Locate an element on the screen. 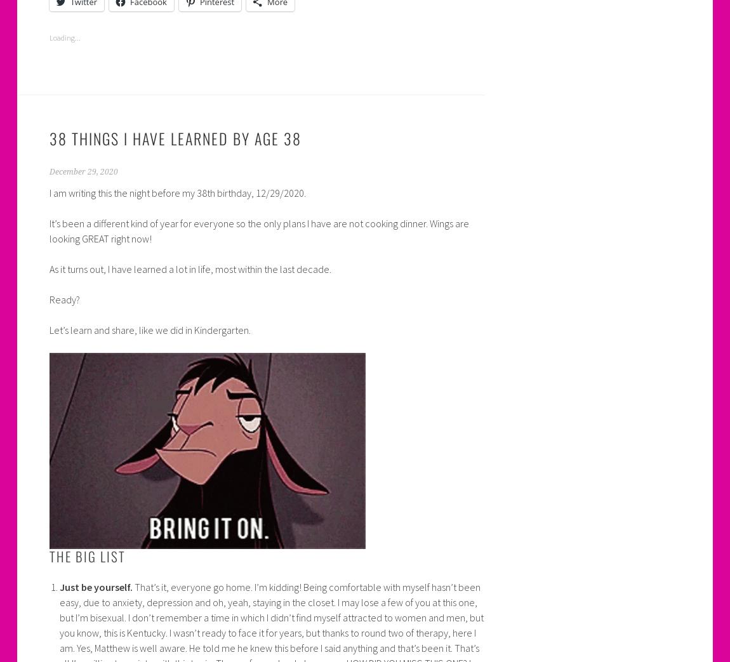  'Loading...' is located at coordinates (63, 36).